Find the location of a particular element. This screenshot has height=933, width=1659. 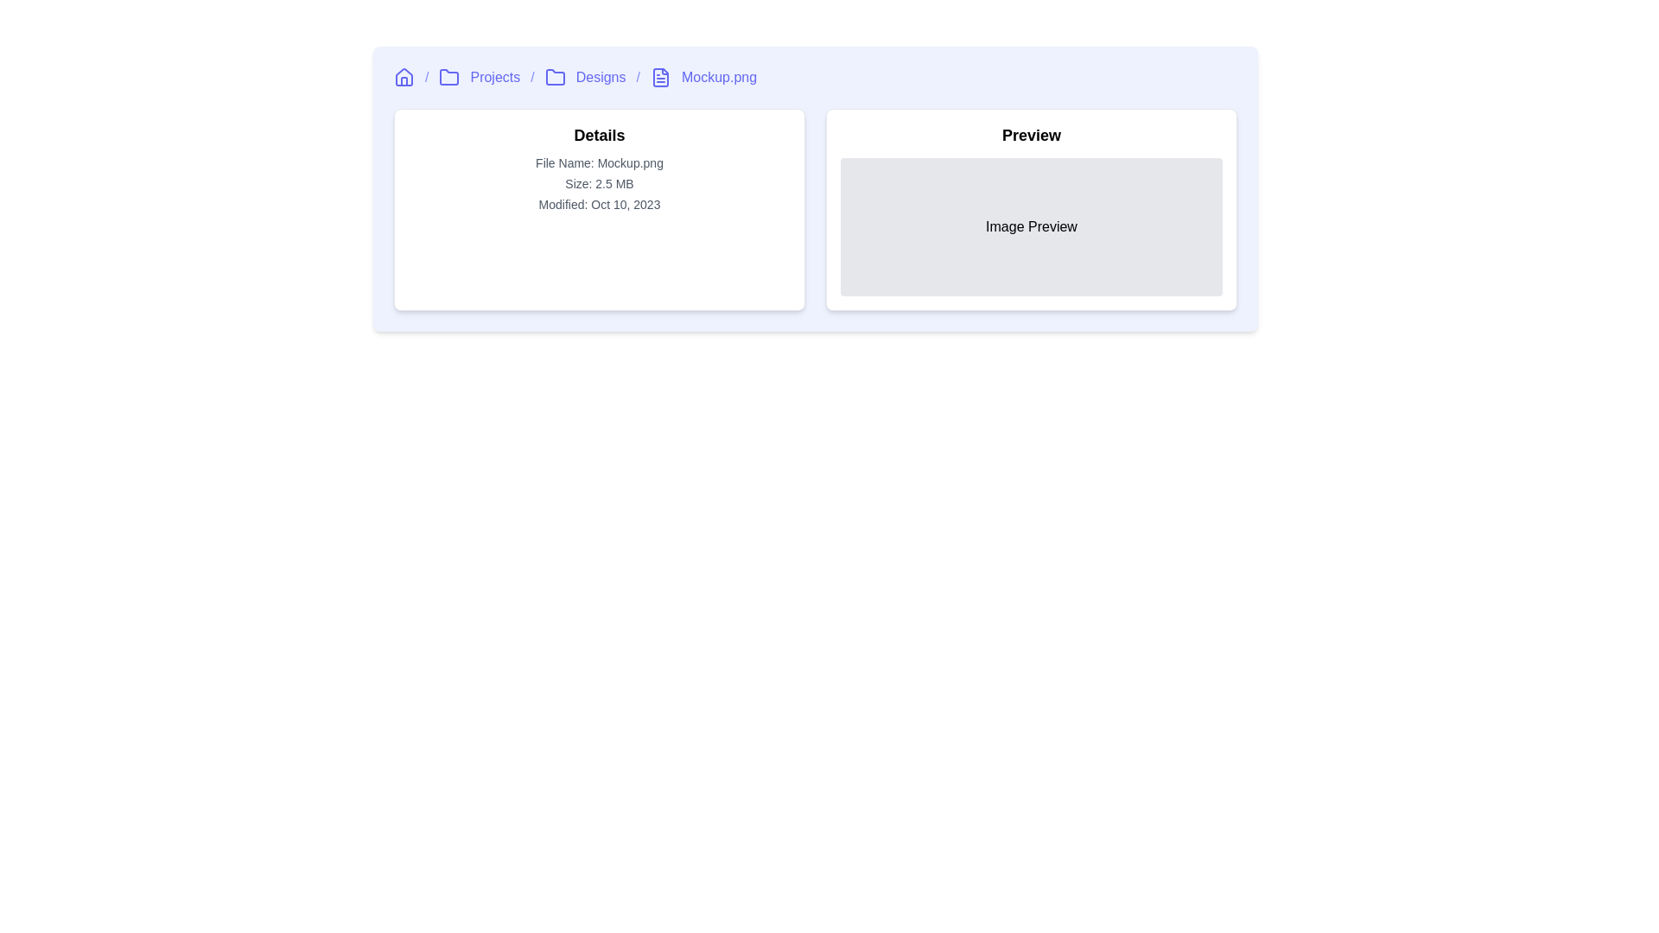

the home icon in the breadcrumb navigation bar at the top-left corner is located at coordinates (403, 75).